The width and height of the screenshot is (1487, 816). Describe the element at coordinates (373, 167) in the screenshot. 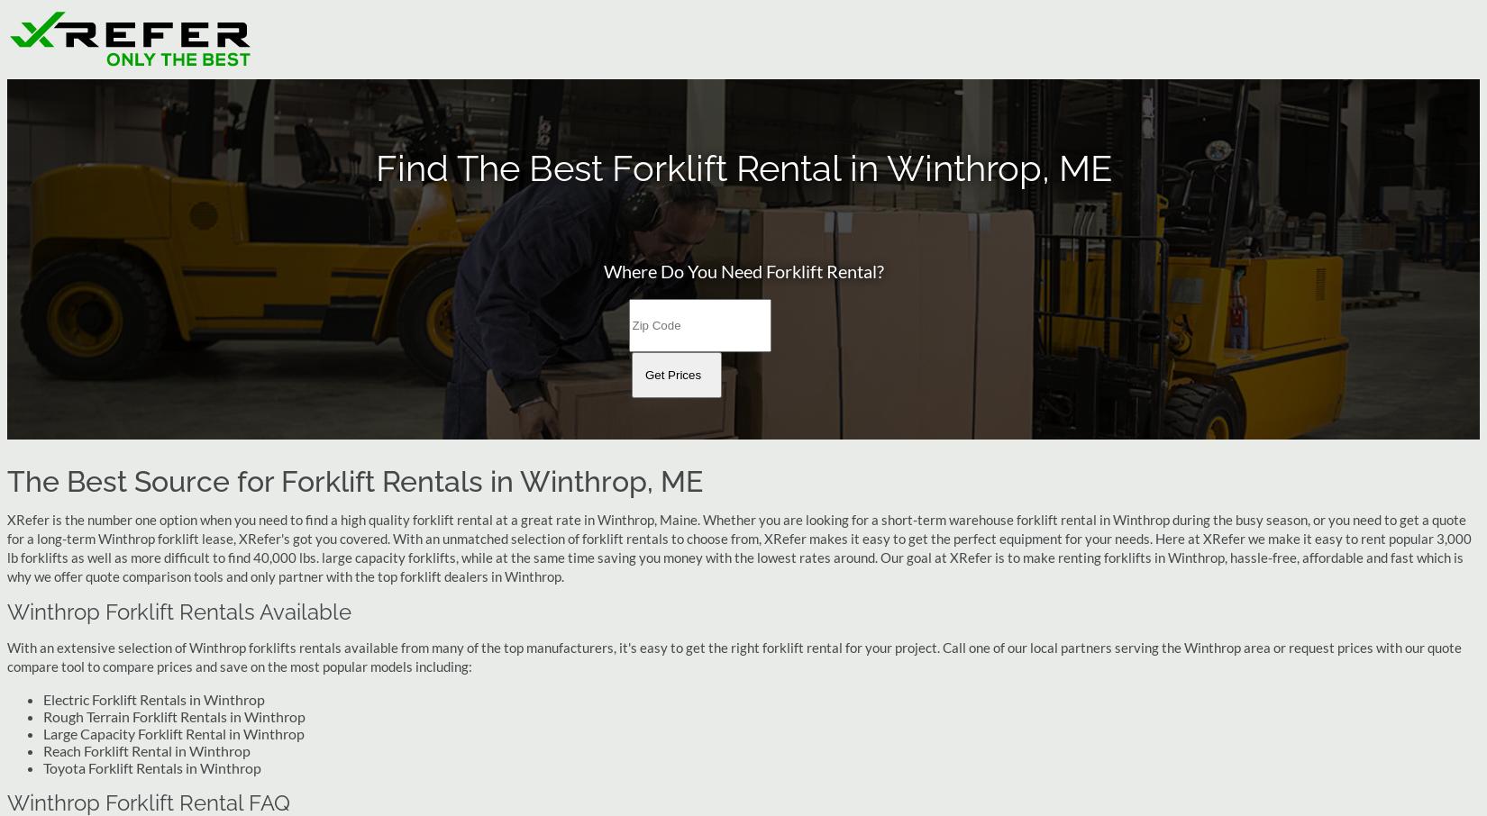

I see `'Find The Best Forklift Rental in Winthrop, ME'` at that location.